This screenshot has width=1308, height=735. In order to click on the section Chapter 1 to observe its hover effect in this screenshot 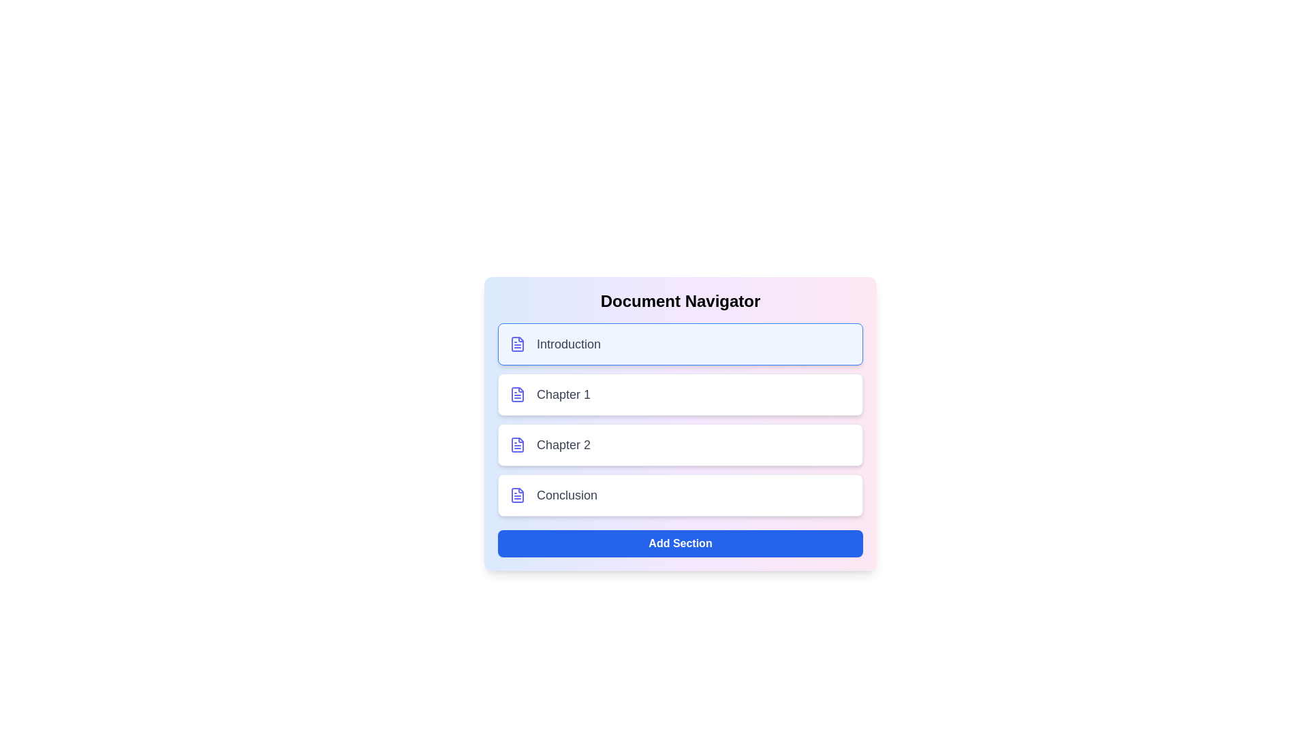, I will do `click(680, 394)`.